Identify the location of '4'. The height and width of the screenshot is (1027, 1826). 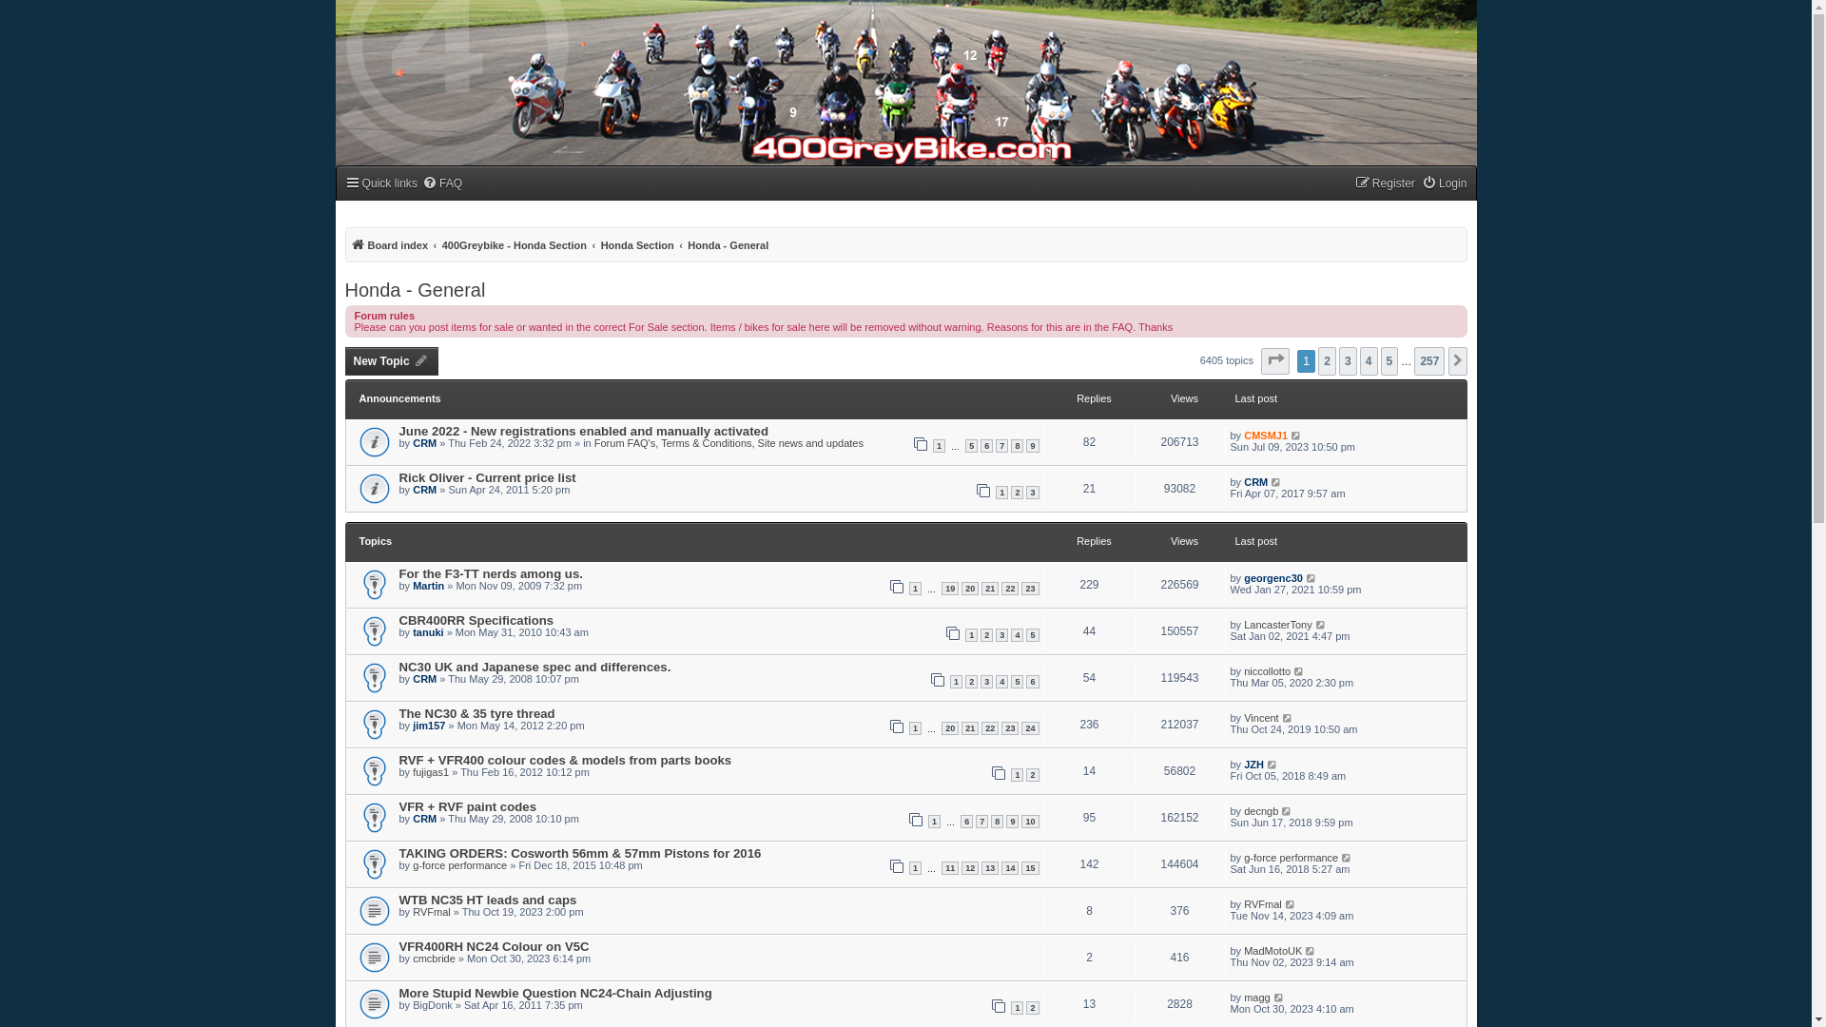
(1368, 361).